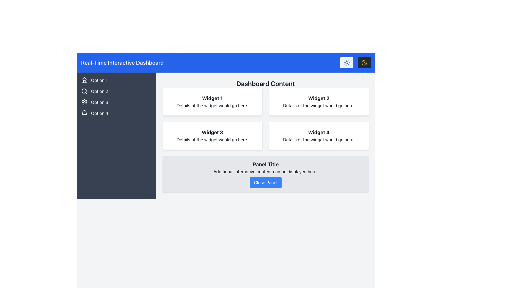 The width and height of the screenshot is (528, 297). I want to click on the static text label that denotes the third option in the sidebar's menu, positioned between 'Option 2' and 'Option 4', so click(100, 102).